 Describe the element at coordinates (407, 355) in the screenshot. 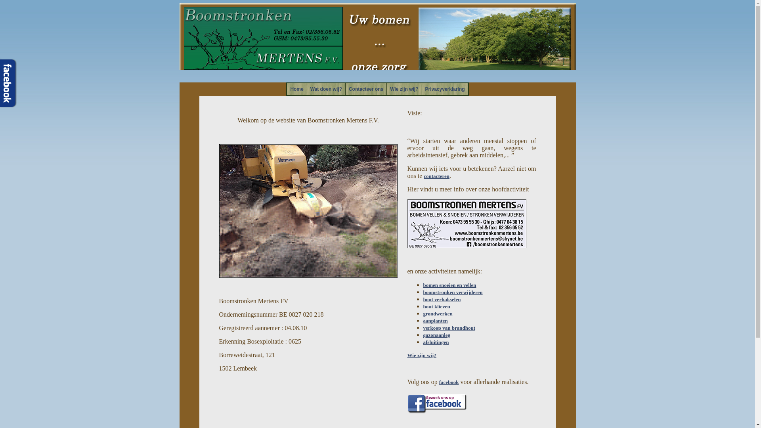

I see `'Wie zijn wij?'` at that location.